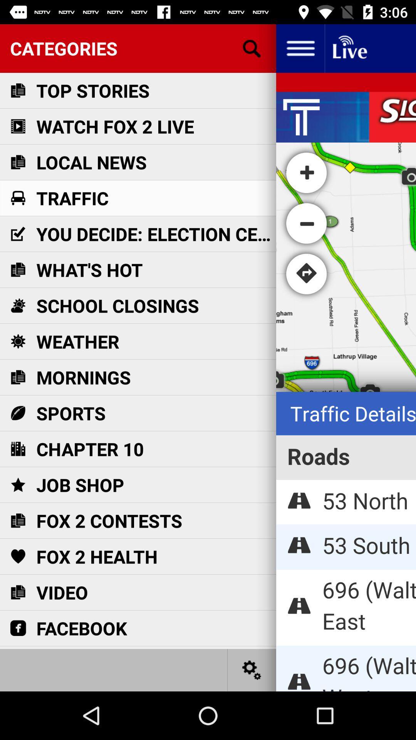 The height and width of the screenshot is (740, 416). I want to click on open settings, so click(252, 669).